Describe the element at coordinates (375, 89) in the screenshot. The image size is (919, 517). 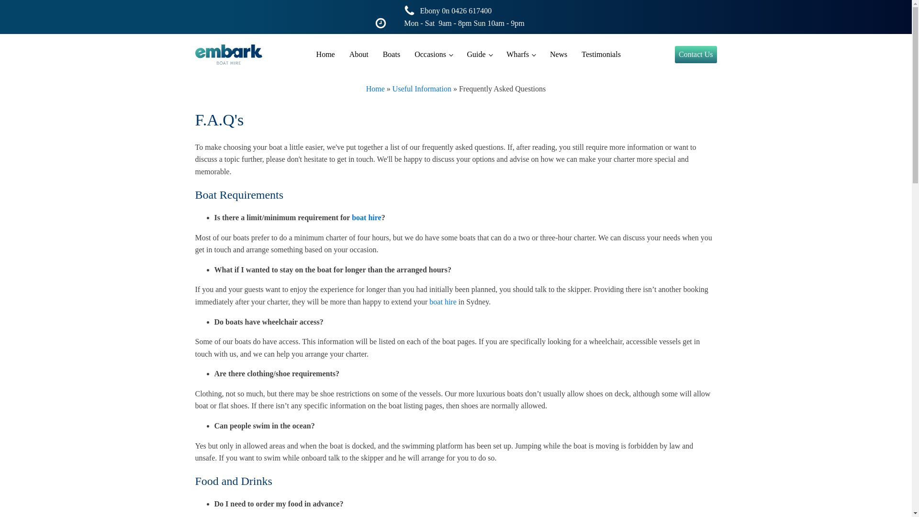
I see `'Home'` at that location.